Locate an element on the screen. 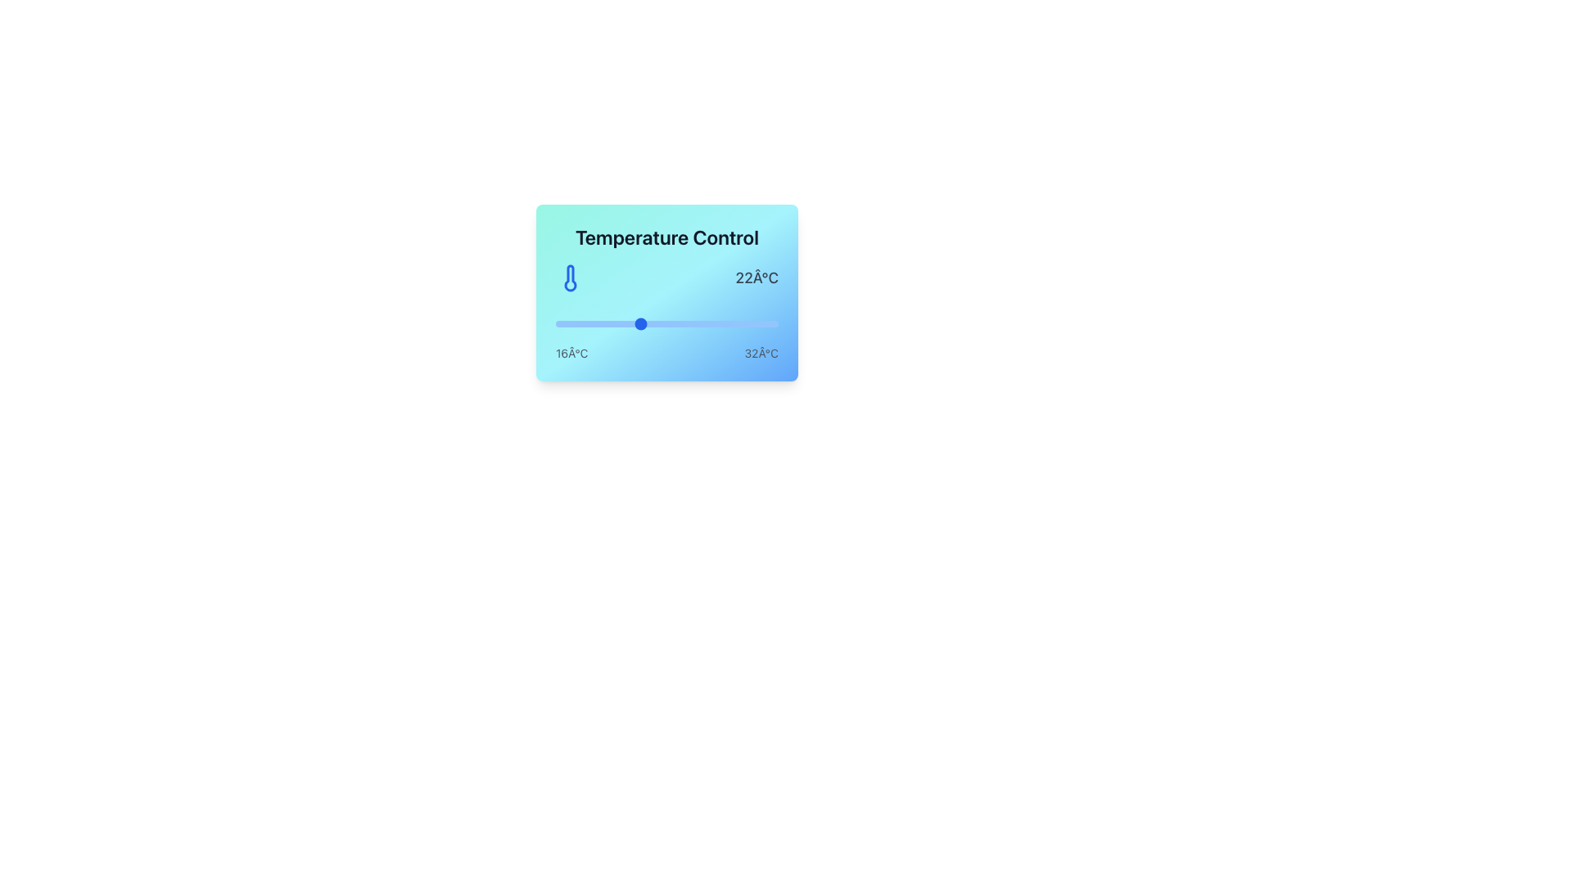 This screenshot has height=884, width=1572. the temperature is located at coordinates (611, 324).